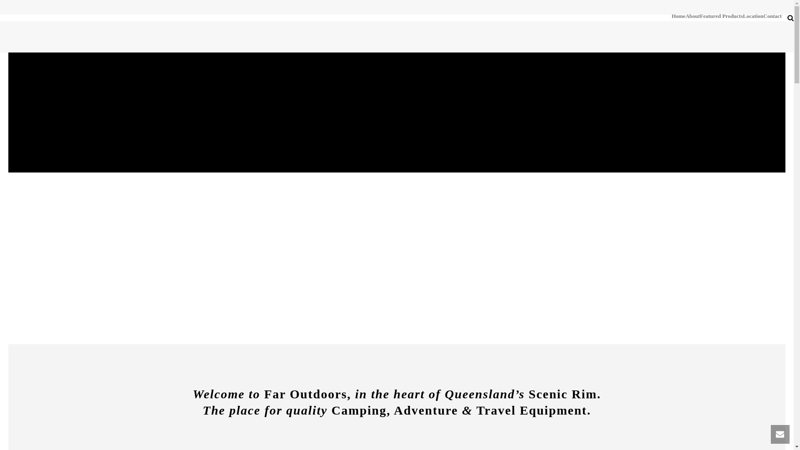  What do you see at coordinates (772, 16) in the screenshot?
I see `'Contact'` at bounding box center [772, 16].